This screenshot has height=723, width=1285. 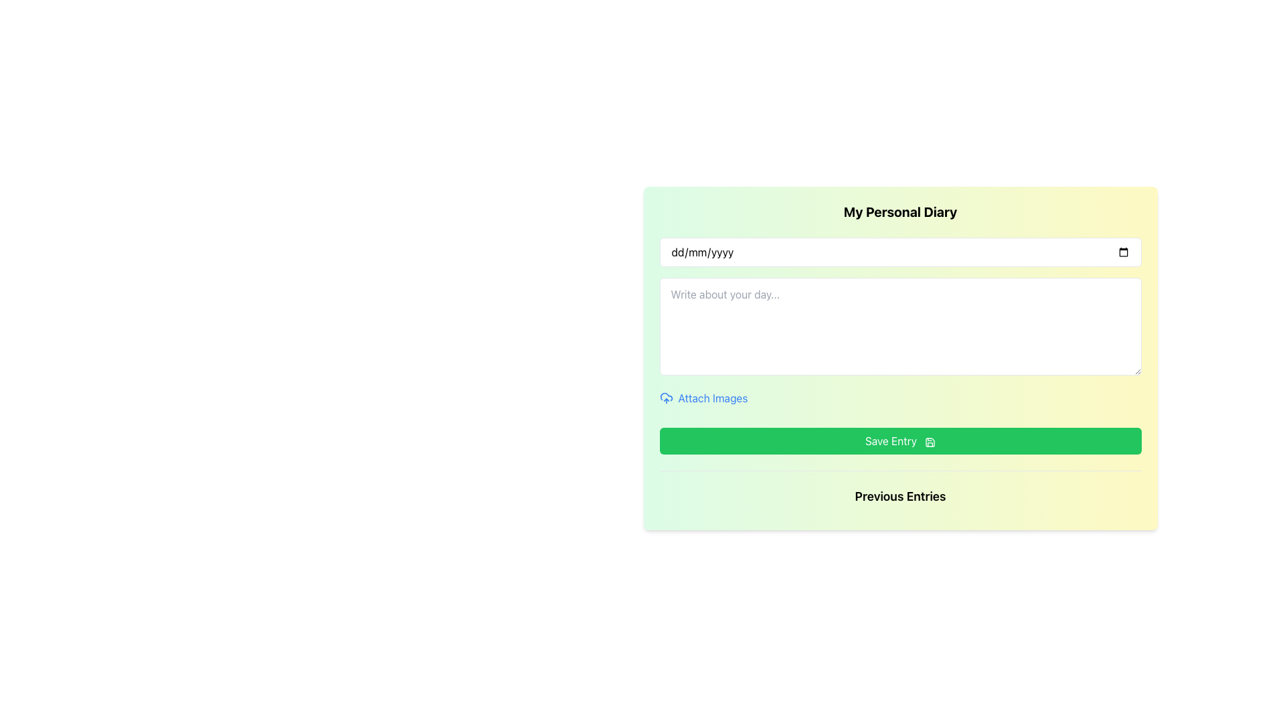 I want to click on the save button located at the bottom of the 'My Personal Diary' form, so click(x=900, y=441).